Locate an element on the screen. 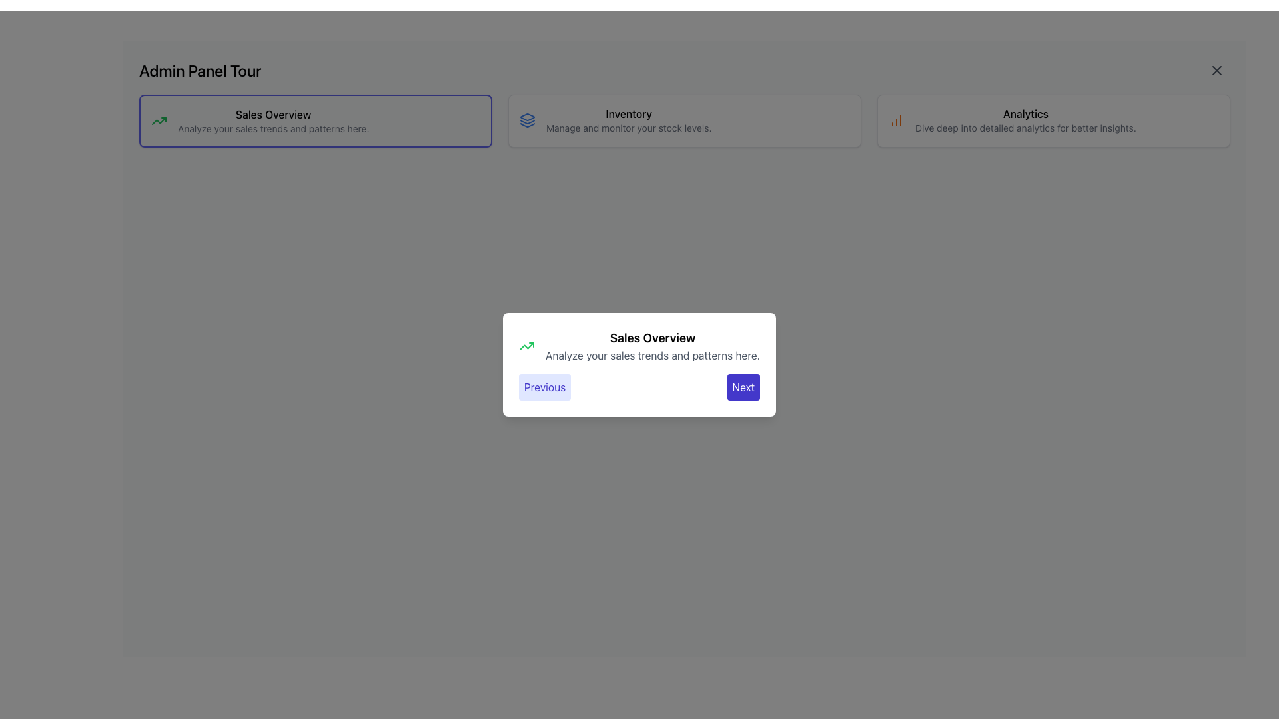 The height and width of the screenshot is (719, 1279). the Informational Card located in the middle of a three-item horizontal layout is located at coordinates (684, 120).